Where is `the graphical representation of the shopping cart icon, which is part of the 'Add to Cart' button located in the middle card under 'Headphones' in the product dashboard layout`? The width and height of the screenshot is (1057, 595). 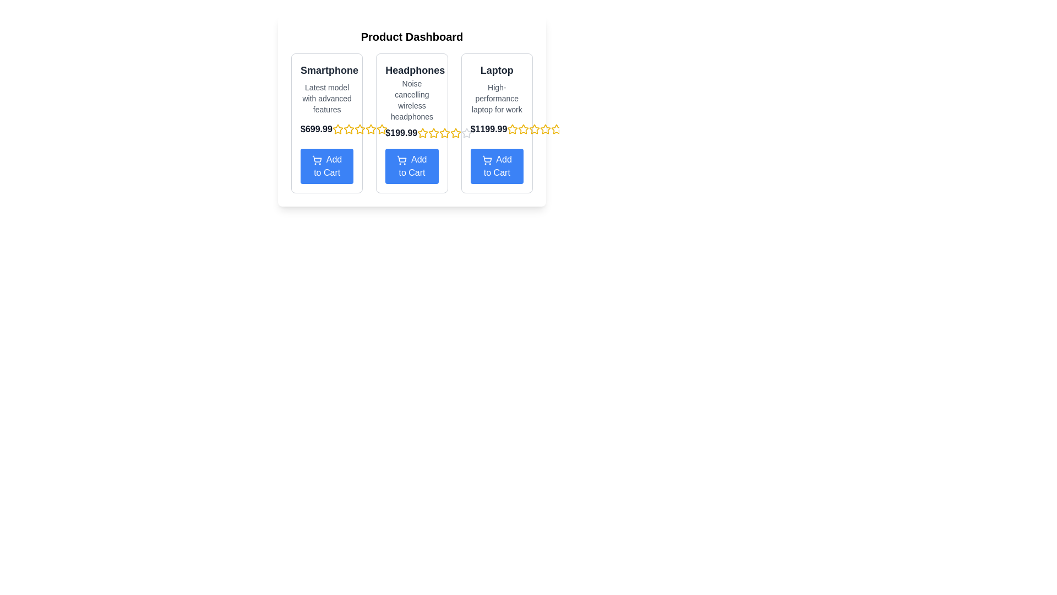 the graphical representation of the shopping cart icon, which is part of the 'Add to Cart' button located in the middle card under 'Headphones' in the product dashboard layout is located at coordinates (401, 160).